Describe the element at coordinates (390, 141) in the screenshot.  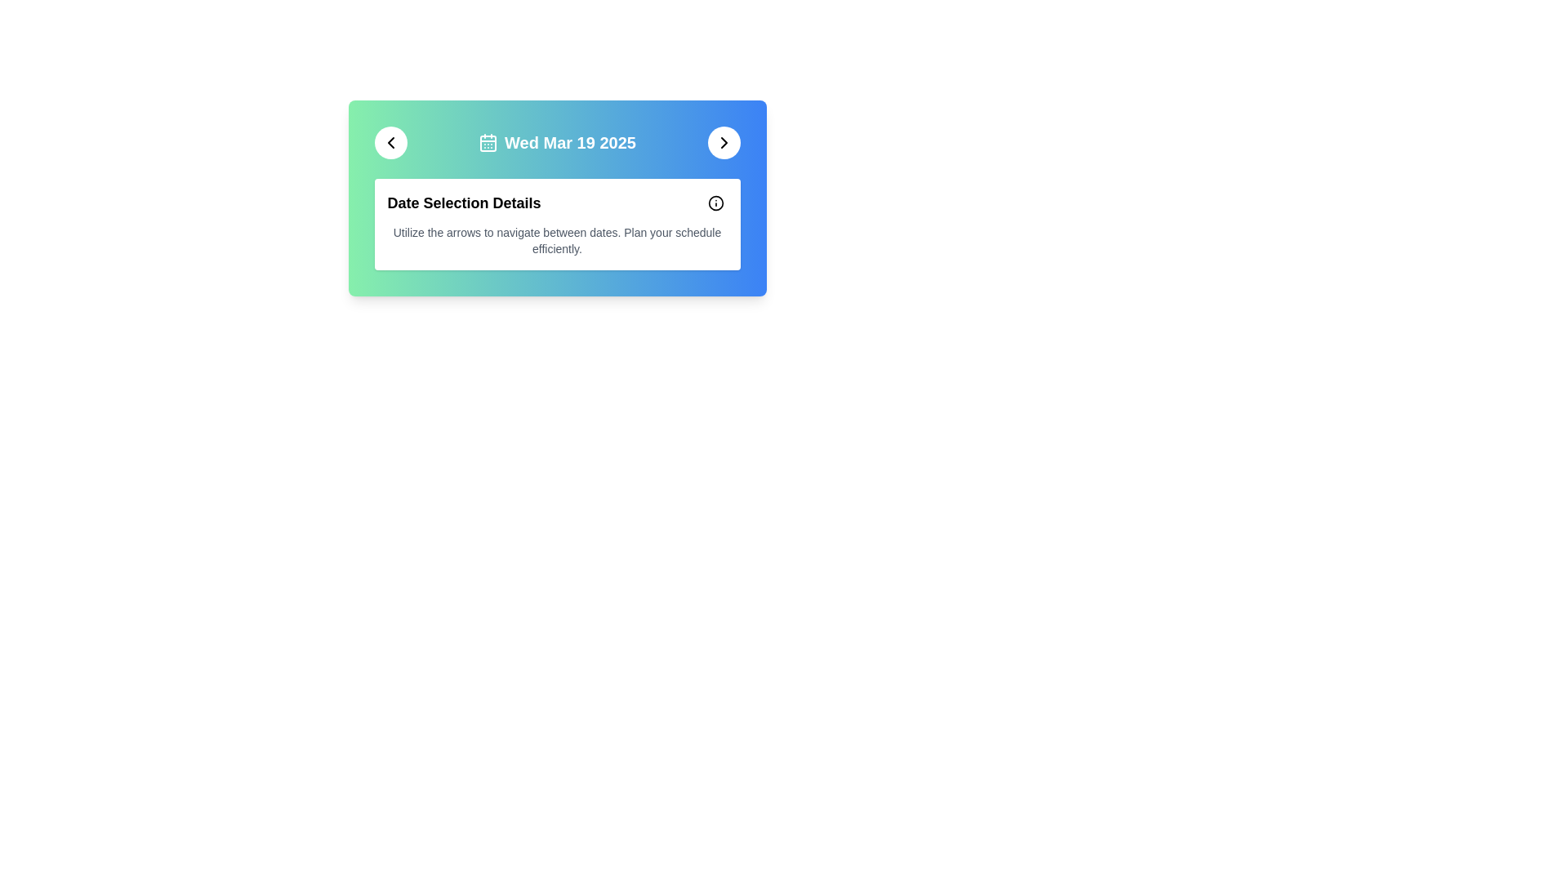
I see `the left-facing chevron icon button located at the top-left corner of the main interface card, adjacent to the right of the card's left border, to navigate to the previous date` at that location.